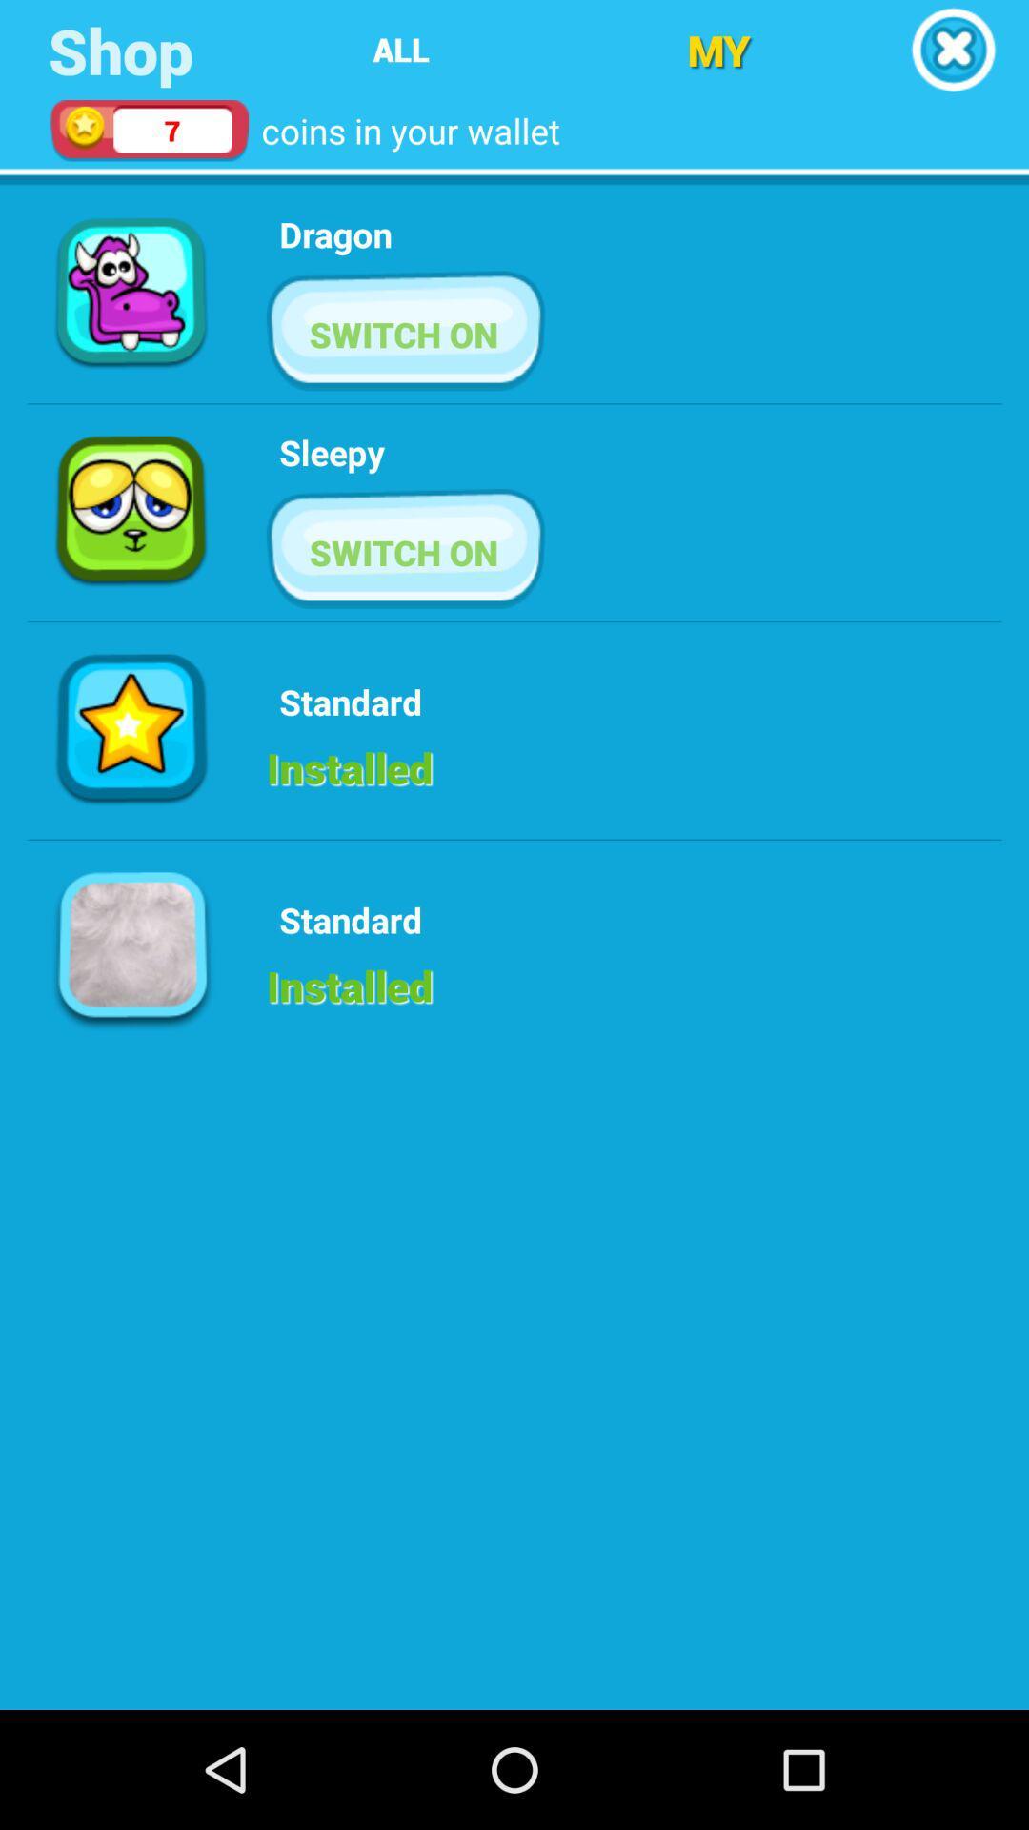 The image size is (1029, 1830). What do you see at coordinates (334, 233) in the screenshot?
I see `the icon above the switch on item` at bounding box center [334, 233].